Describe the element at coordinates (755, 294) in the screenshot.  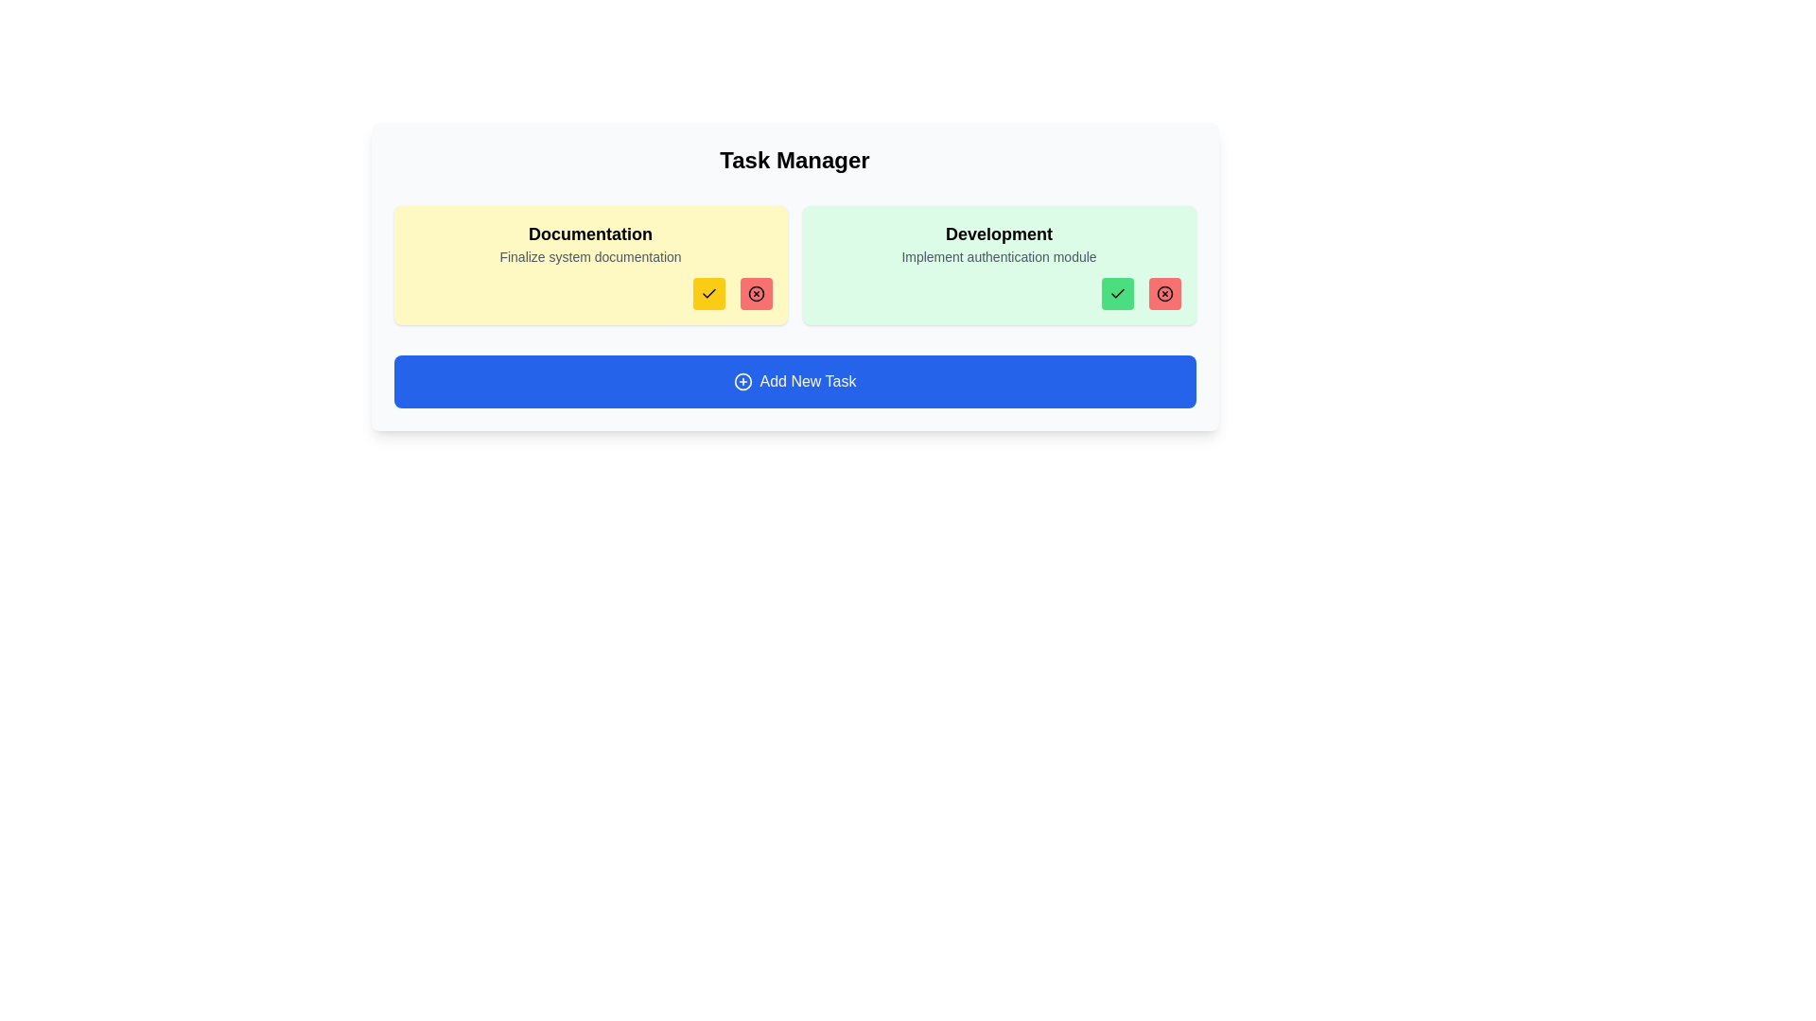
I see `the circular button with a red border and '×' symbol inside, located in the second column of the task grid under the 'Development' task card` at that location.